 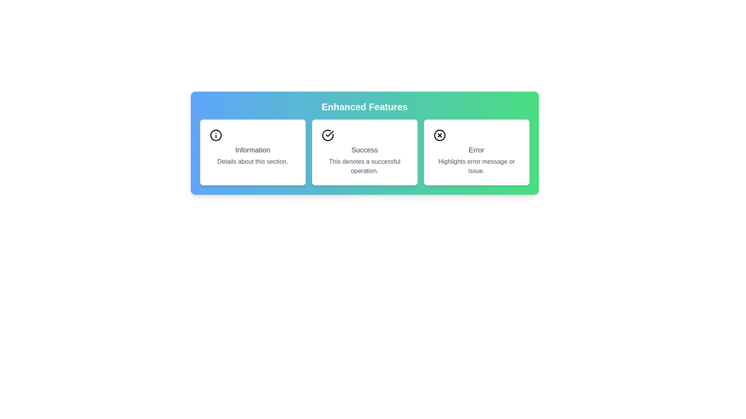 What do you see at coordinates (476, 166) in the screenshot?
I see `the descriptive text element located in the third card below the title header 'Error', which provides context about the error functionality` at bounding box center [476, 166].